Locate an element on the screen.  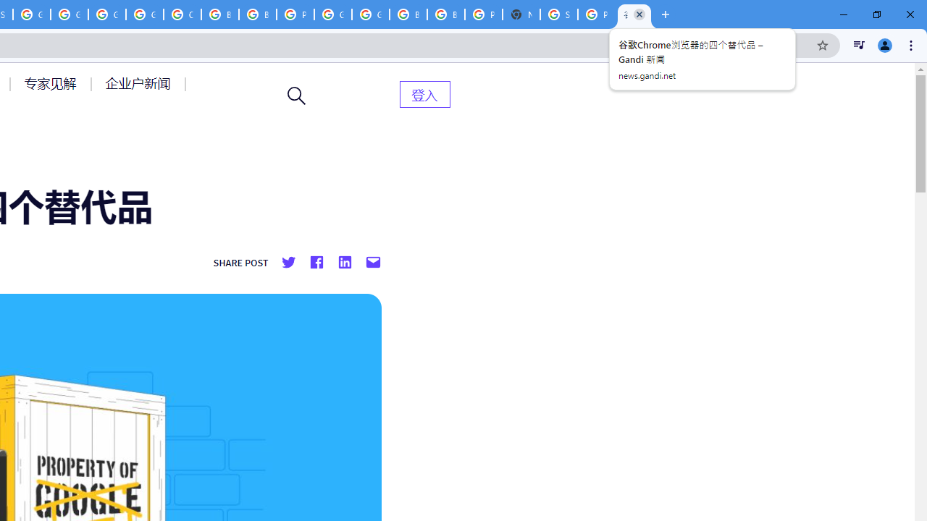
'AutomationID: menu-item-82399' is located at coordinates (424, 93).